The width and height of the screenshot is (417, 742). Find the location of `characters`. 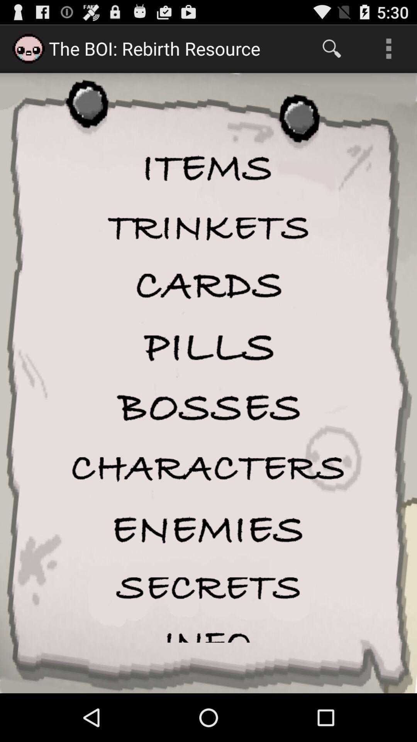

characters is located at coordinates (208, 468).